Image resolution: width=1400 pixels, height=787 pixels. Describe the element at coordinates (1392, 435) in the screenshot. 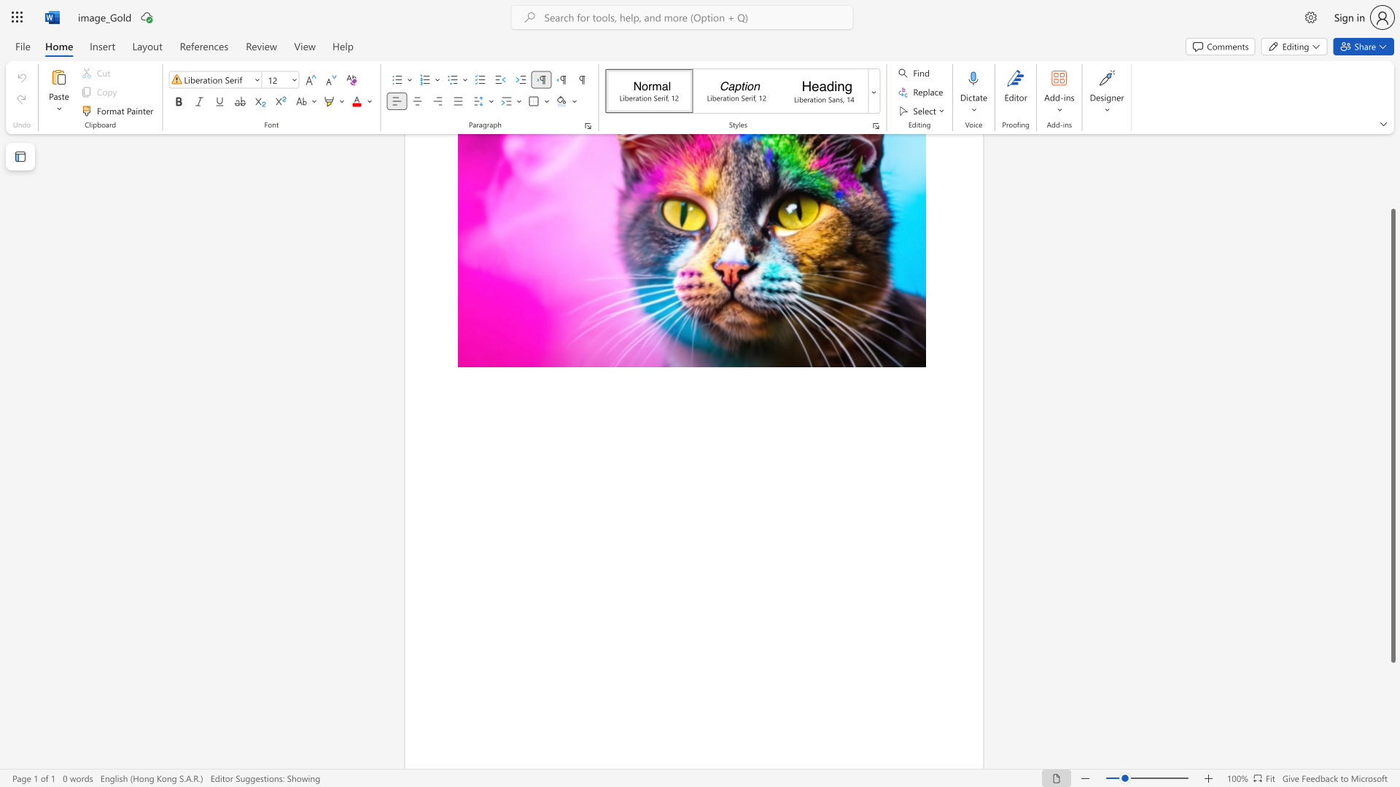

I see `the scrollbar and move up 110 pixels` at that location.